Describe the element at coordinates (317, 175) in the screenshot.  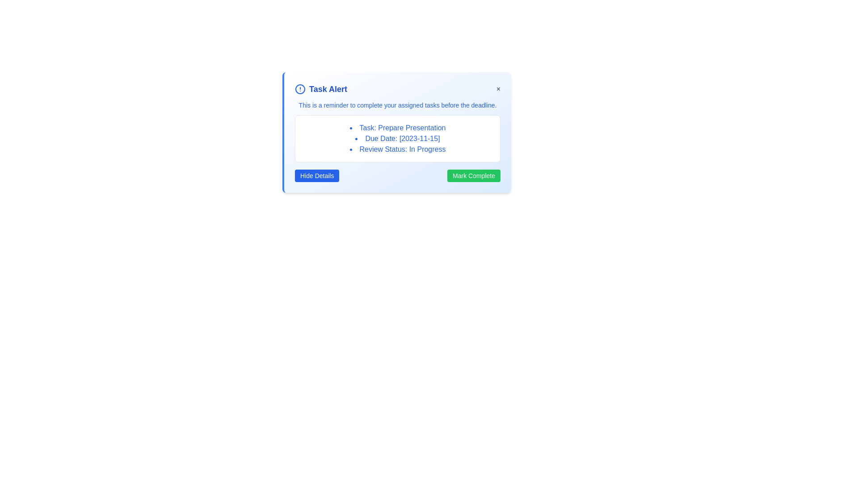
I see `the 'Hide Details' button to toggle the visibility of the task details` at that location.